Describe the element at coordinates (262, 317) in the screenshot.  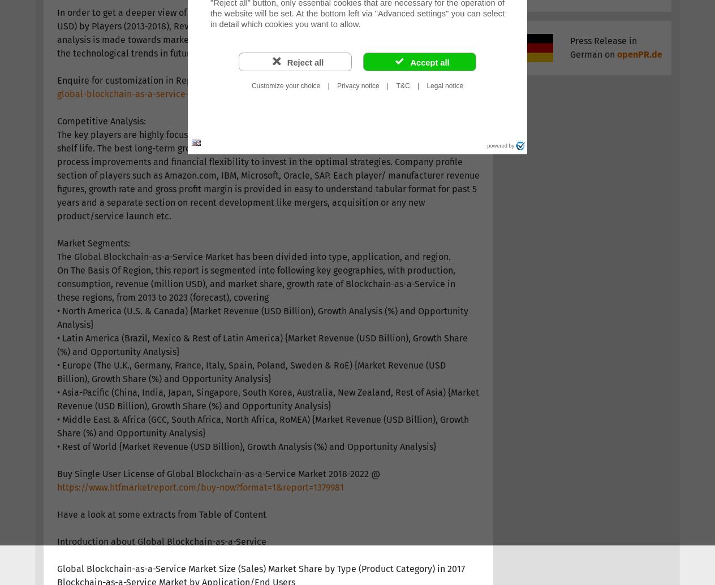
I see `'• North America (U.S. & Canada) {Market Revenue (USD Billion), Growth Analysis (%) and Opportunity Analysis}'` at that location.